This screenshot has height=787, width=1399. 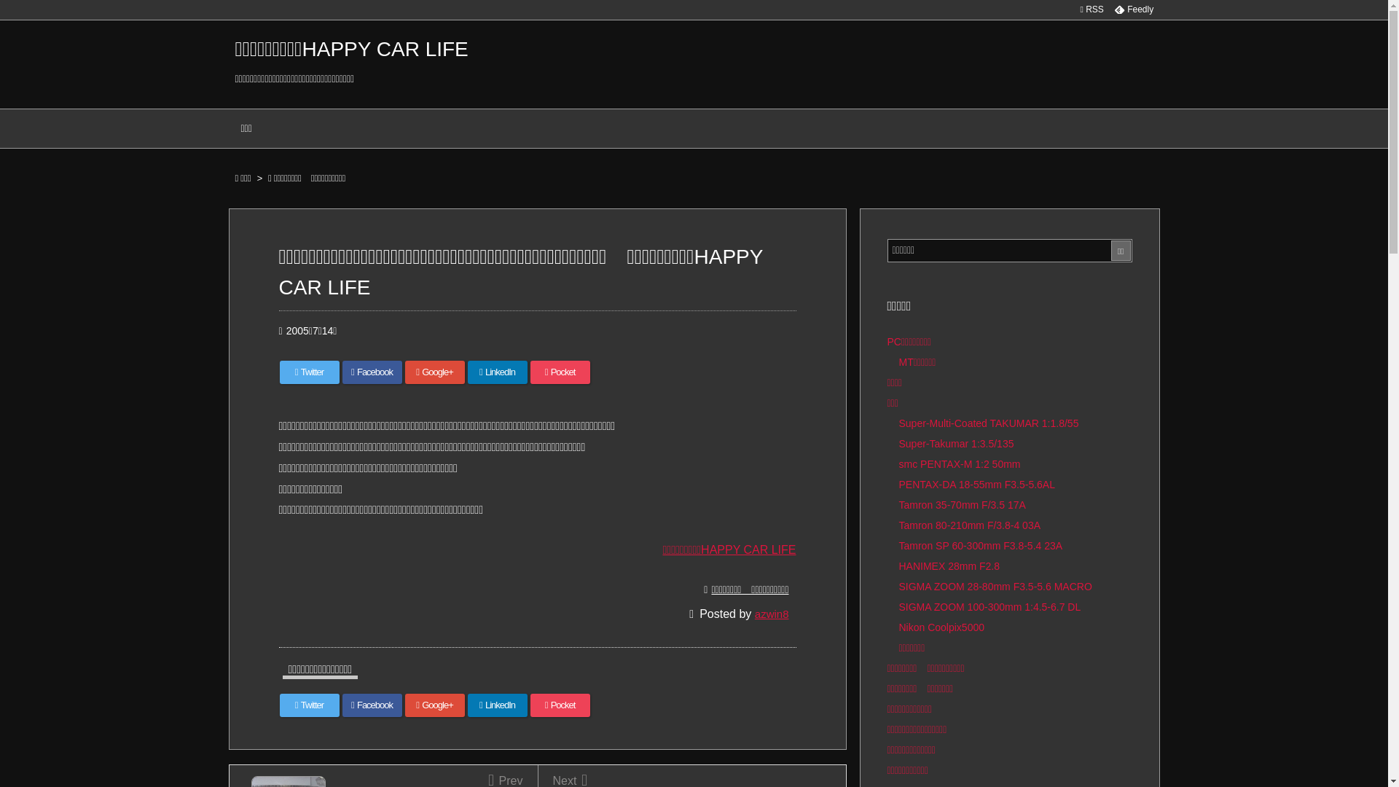 I want to click on '  Feedly ', so click(x=1132, y=9).